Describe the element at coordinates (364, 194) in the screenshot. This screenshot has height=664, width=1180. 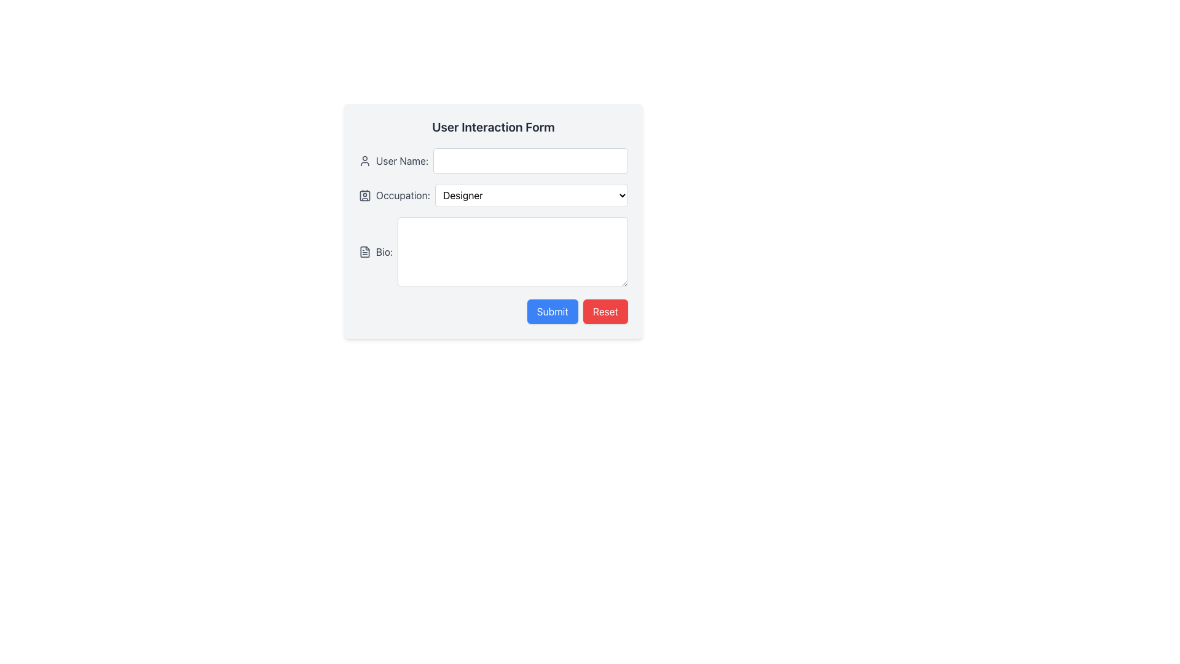
I see `the icon that visually identifies the 'Occupation' input field, located to the left of the 'Occupation' label` at that location.